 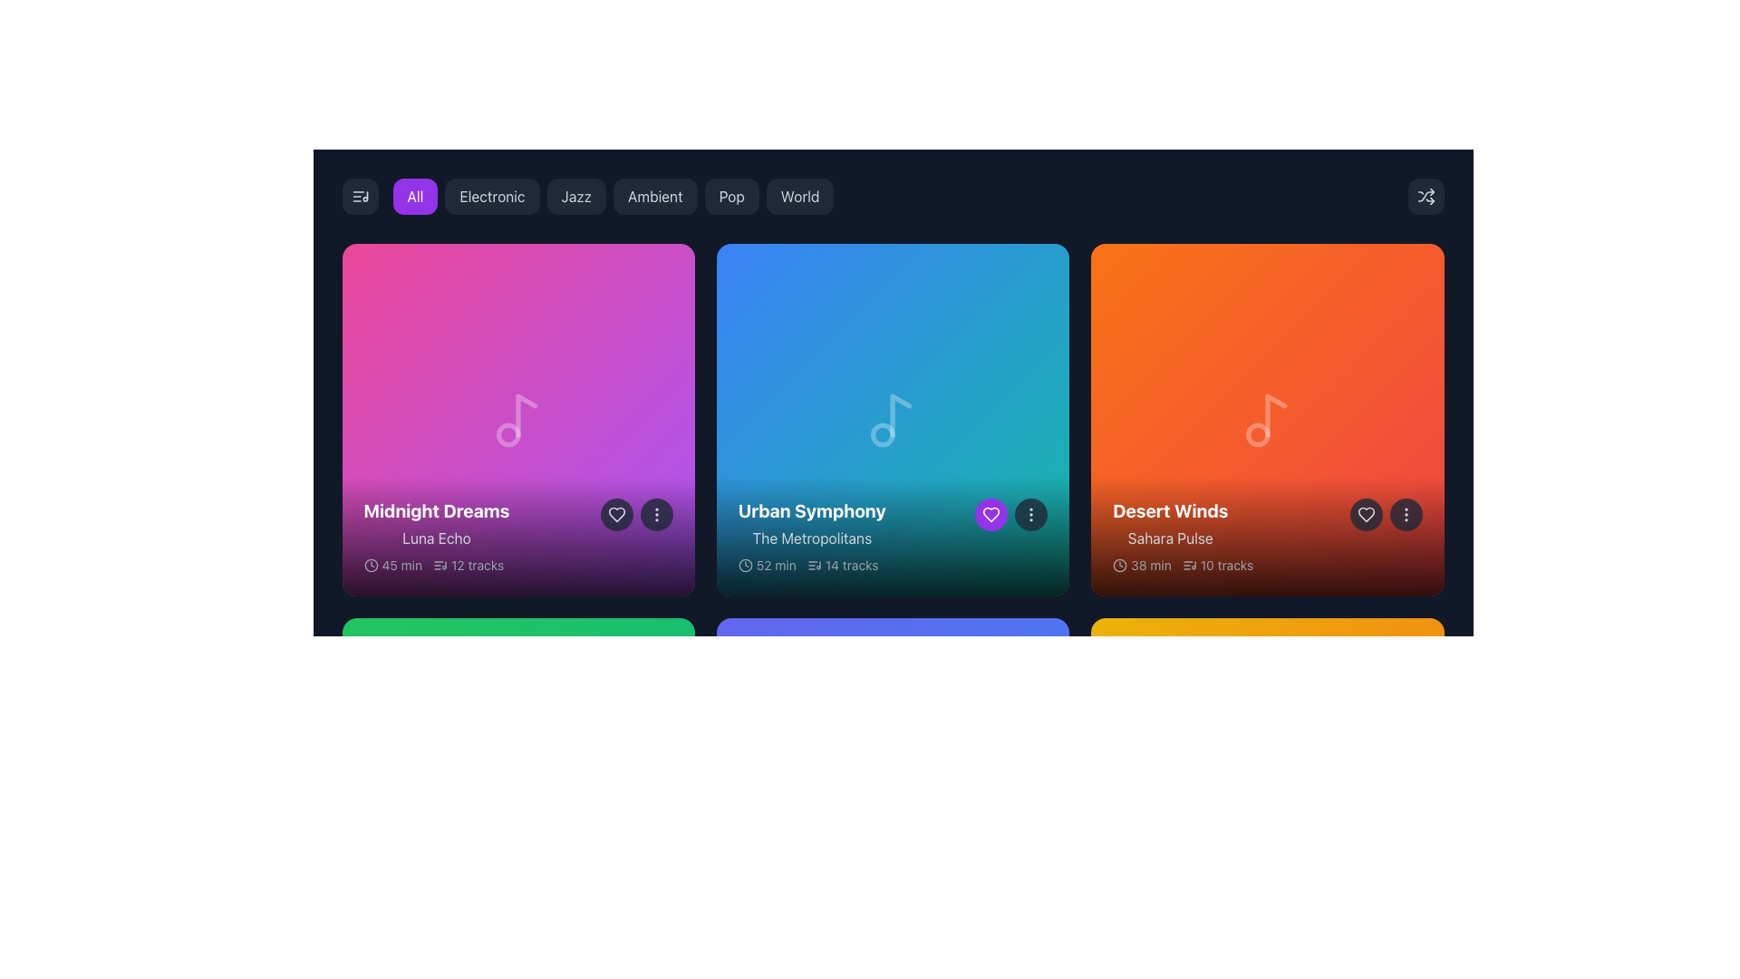 I want to click on the text label that serves as the main title for the orange card, positioned above 'Sahara Pulse' in the bottom right corner of the card, so click(x=1170, y=511).